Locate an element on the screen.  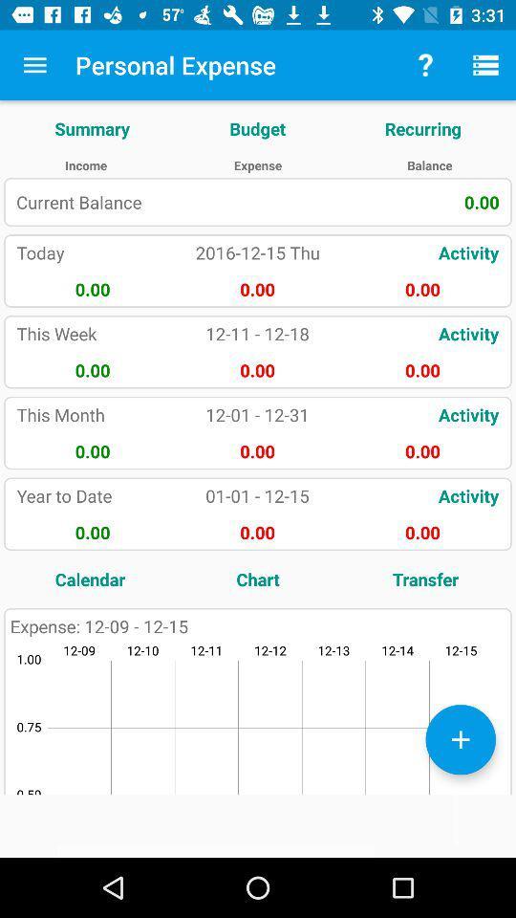
the item to the left of transfer icon is located at coordinates (258, 578).